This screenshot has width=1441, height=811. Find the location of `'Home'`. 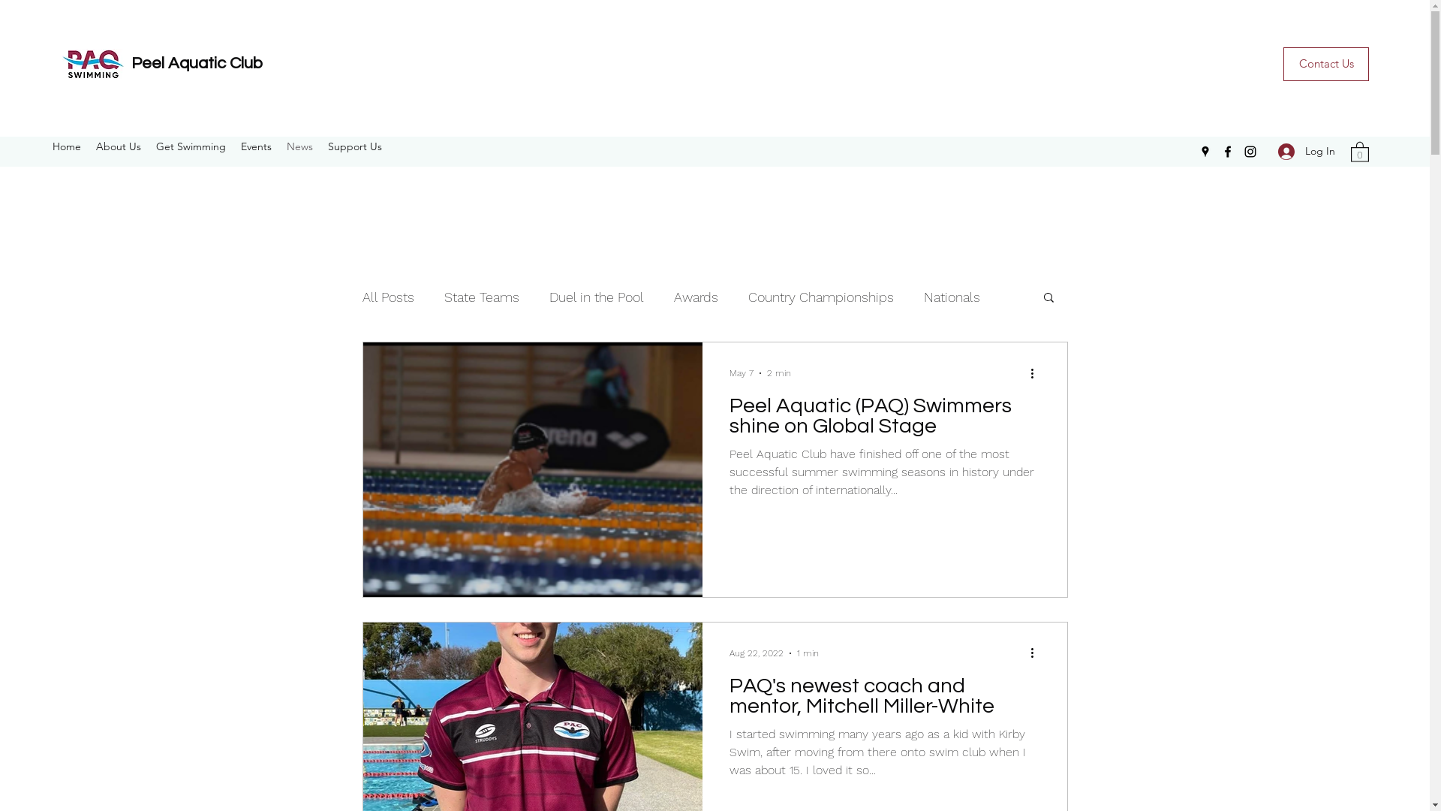

'Home' is located at coordinates (44, 146).